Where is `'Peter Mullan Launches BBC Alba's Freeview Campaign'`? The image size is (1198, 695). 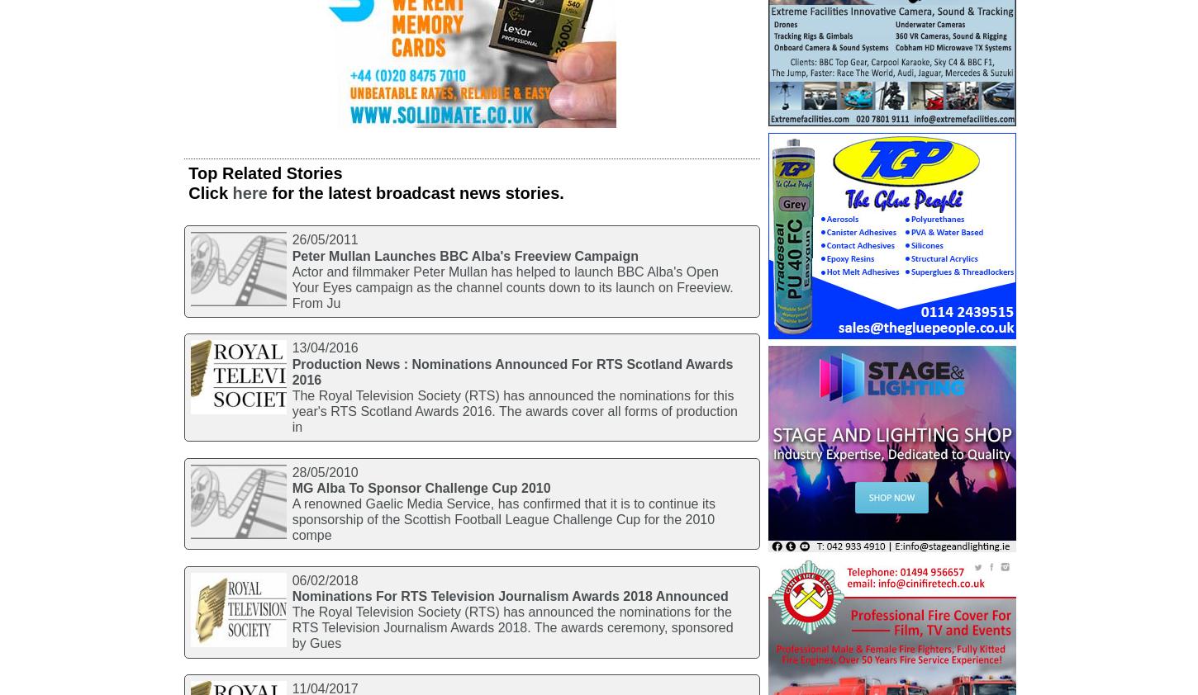 'Peter Mullan Launches BBC Alba's Freeview Campaign' is located at coordinates (291, 255).